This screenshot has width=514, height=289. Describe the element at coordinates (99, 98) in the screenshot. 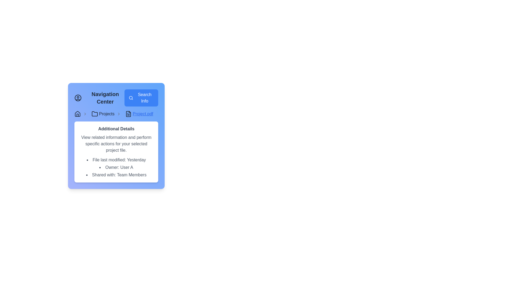

I see `the Text and icon display group containing the user icon and the text 'Navigation Center' positioned in the upper-left corner of the toolbar` at that location.